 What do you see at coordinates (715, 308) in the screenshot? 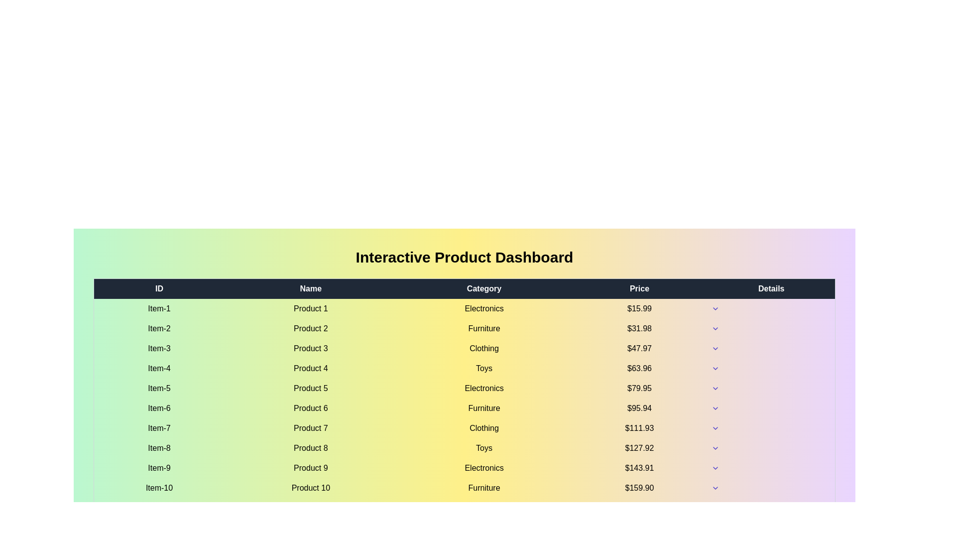
I see `the down arrow in the 'Details' column for the first item to expand its details` at bounding box center [715, 308].